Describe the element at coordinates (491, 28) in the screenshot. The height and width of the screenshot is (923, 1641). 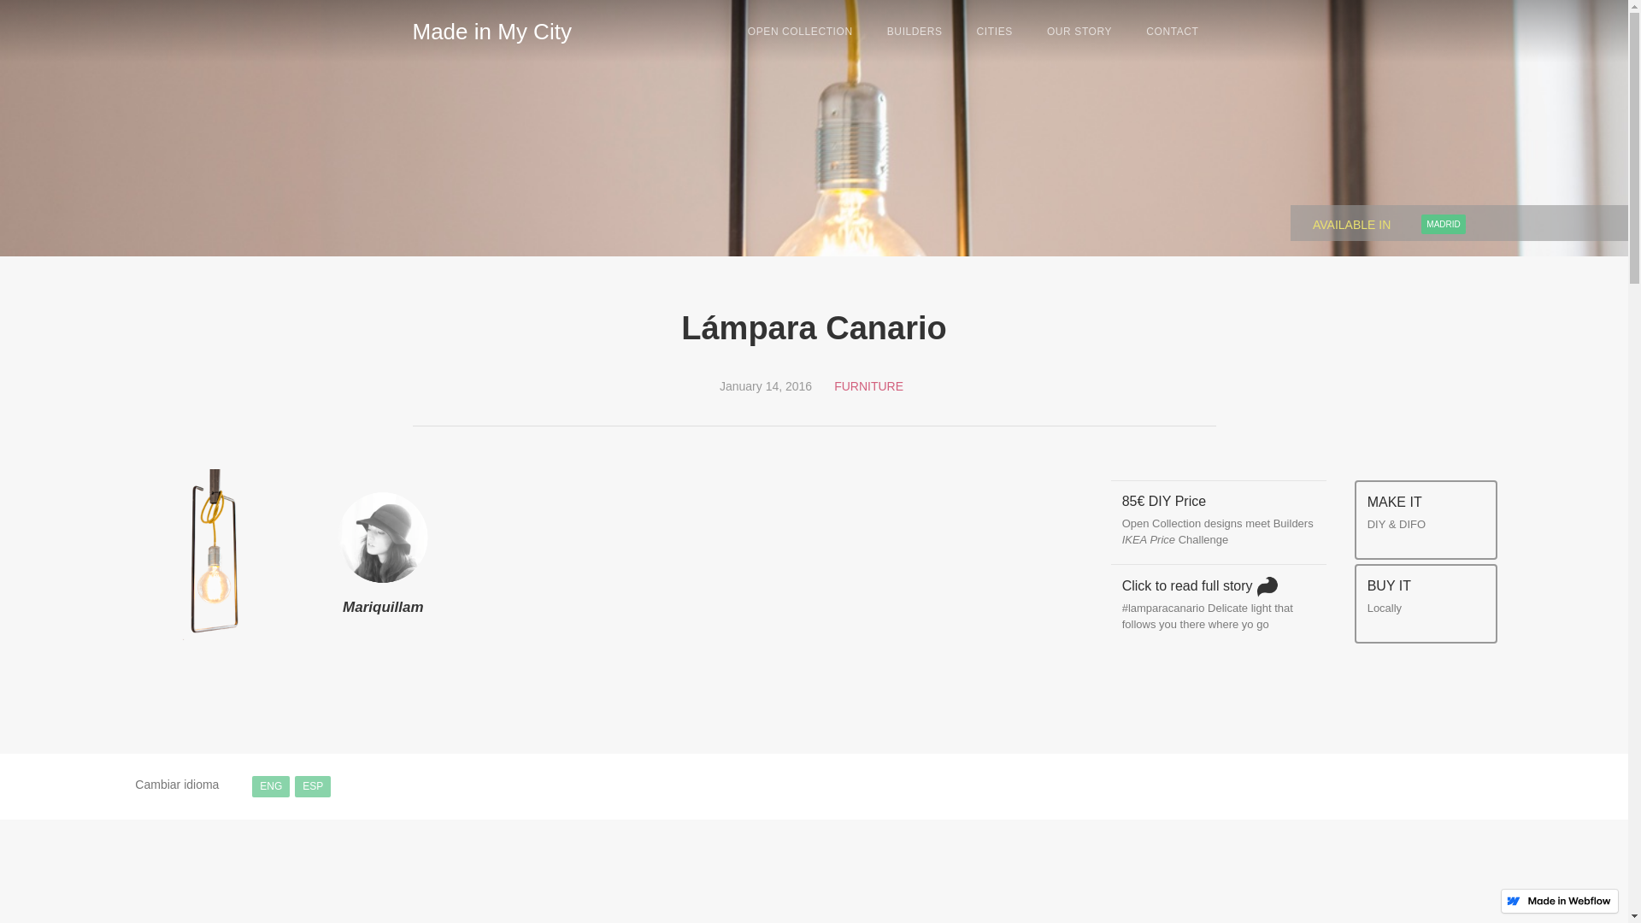
I see `'Made in My City'` at that location.